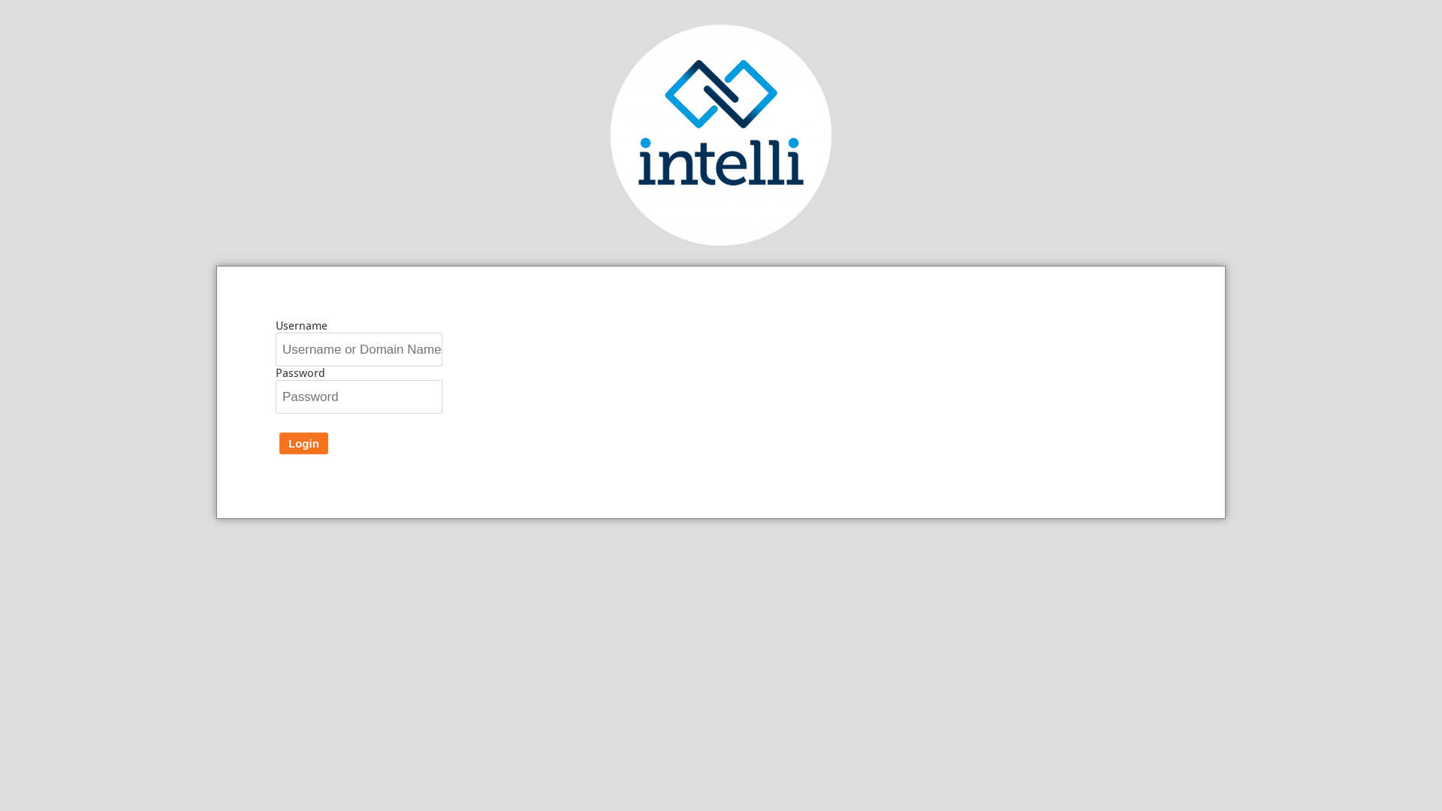  I want to click on 'Login', so click(279, 442).